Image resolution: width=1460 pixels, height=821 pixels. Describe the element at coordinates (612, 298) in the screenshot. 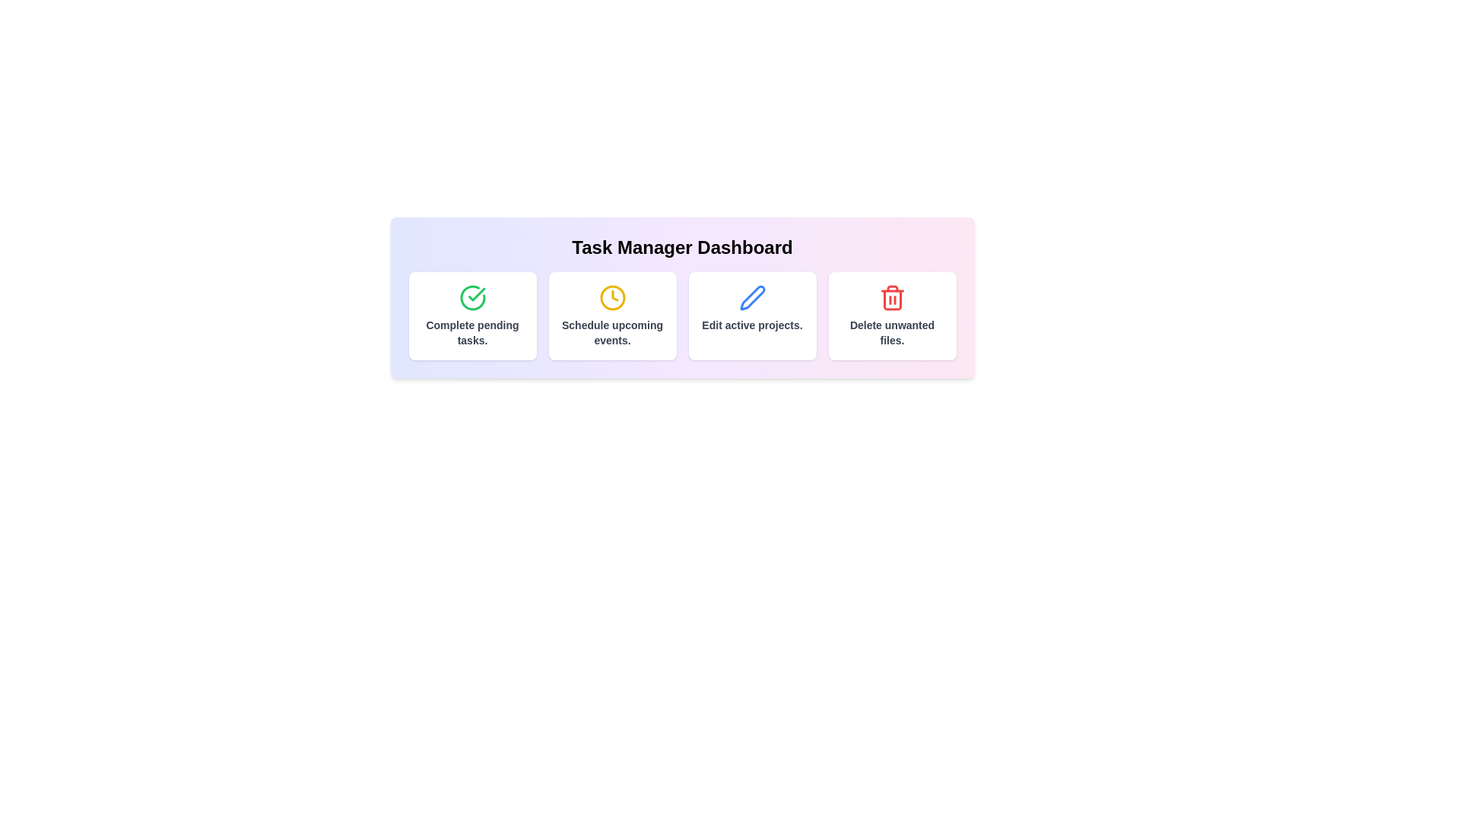

I see `the clock icon, which is a circular yellow-styled icon resembling a classic analog clock, located in the second option from the left above the text 'Schedule upcoming events.'` at that location.